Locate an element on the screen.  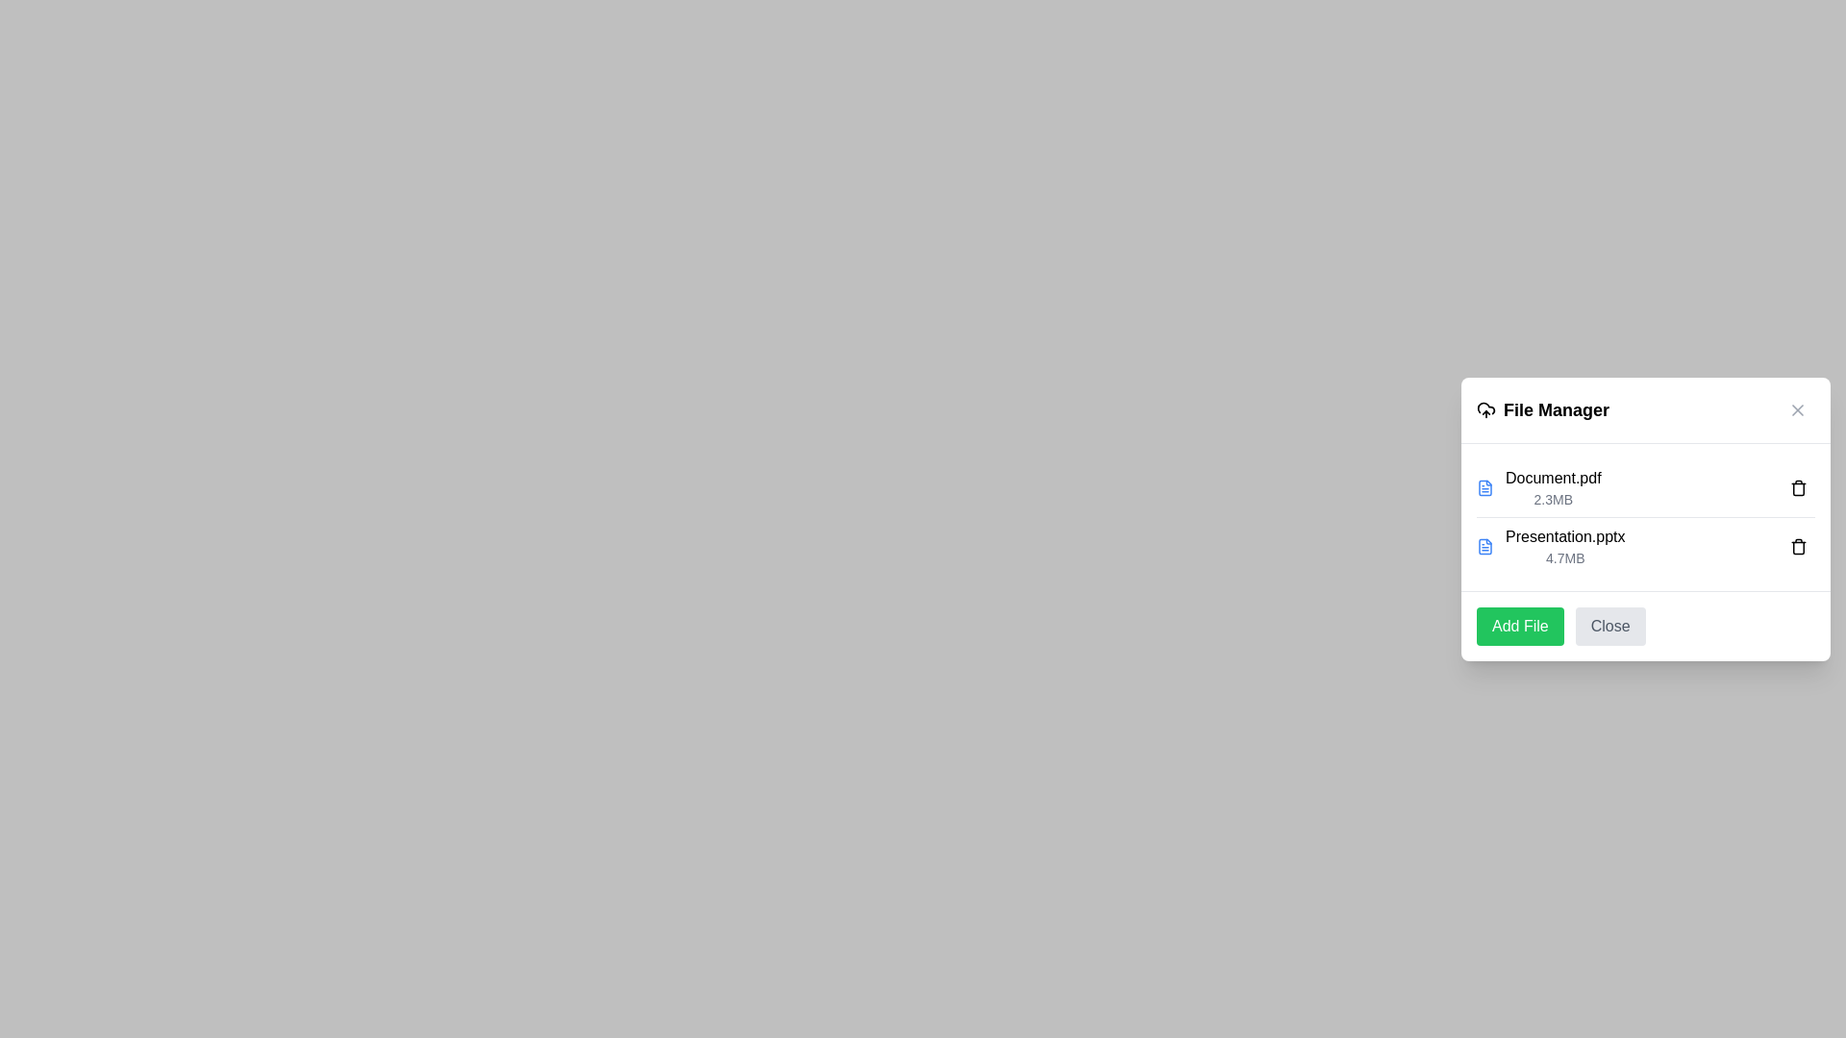
the file entry for 'Document.pdf' in the file manager is located at coordinates (1538, 486).